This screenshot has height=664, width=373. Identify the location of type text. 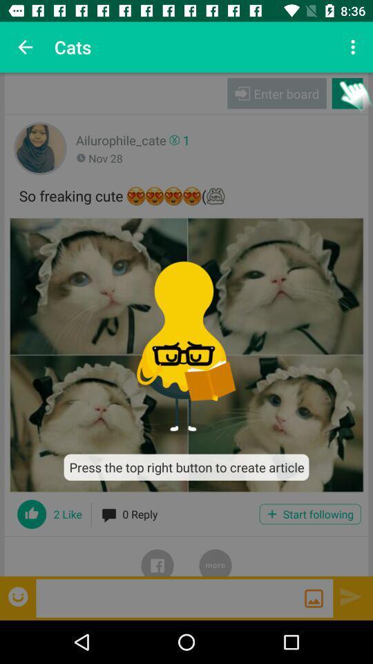
(170, 597).